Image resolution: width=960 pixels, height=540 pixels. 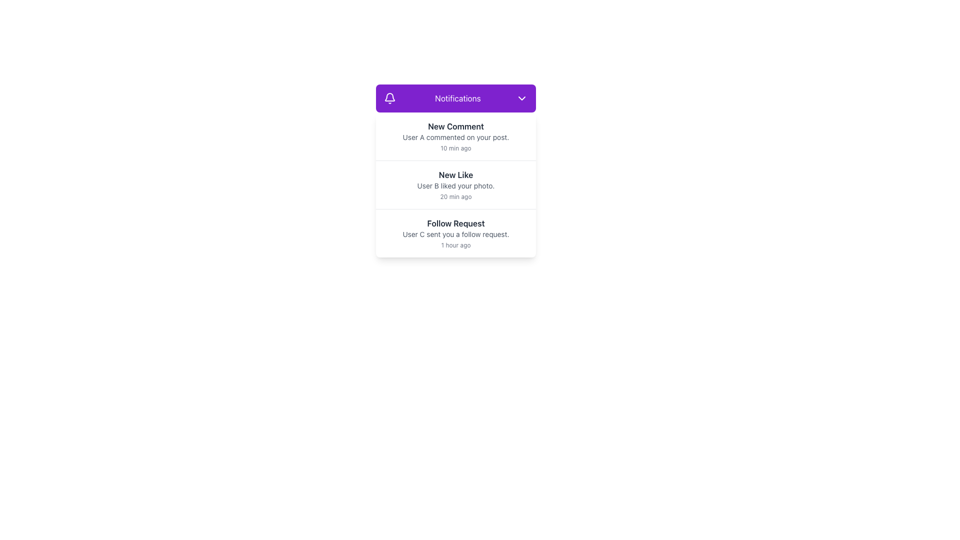 What do you see at coordinates (455, 234) in the screenshot?
I see `the informative Static Text that notifies the user about a follow request from User C, located between the 'Follow Request' title and the '1 hour ago' timestamp` at bounding box center [455, 234].